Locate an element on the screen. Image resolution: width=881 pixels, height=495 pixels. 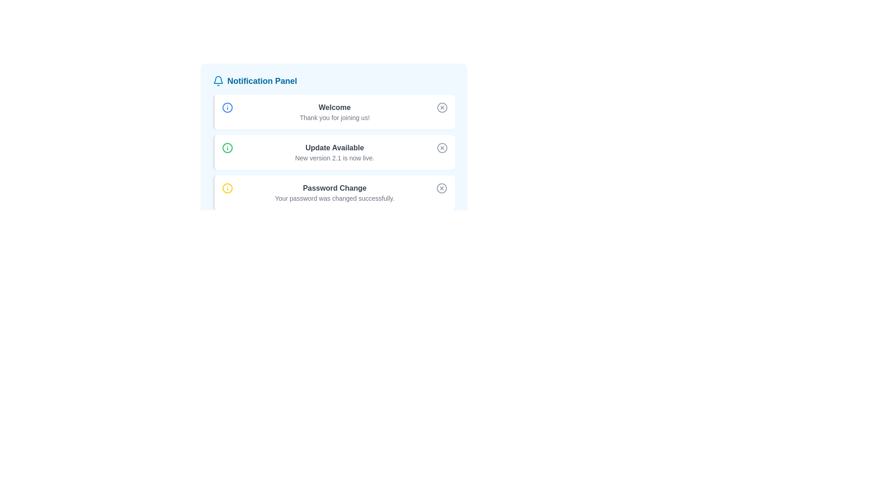
the title header for the notification message located in the 'Notification Panel', which is positioned above the text 'Your password was changed successfully' is located at coordinates (334, 188).